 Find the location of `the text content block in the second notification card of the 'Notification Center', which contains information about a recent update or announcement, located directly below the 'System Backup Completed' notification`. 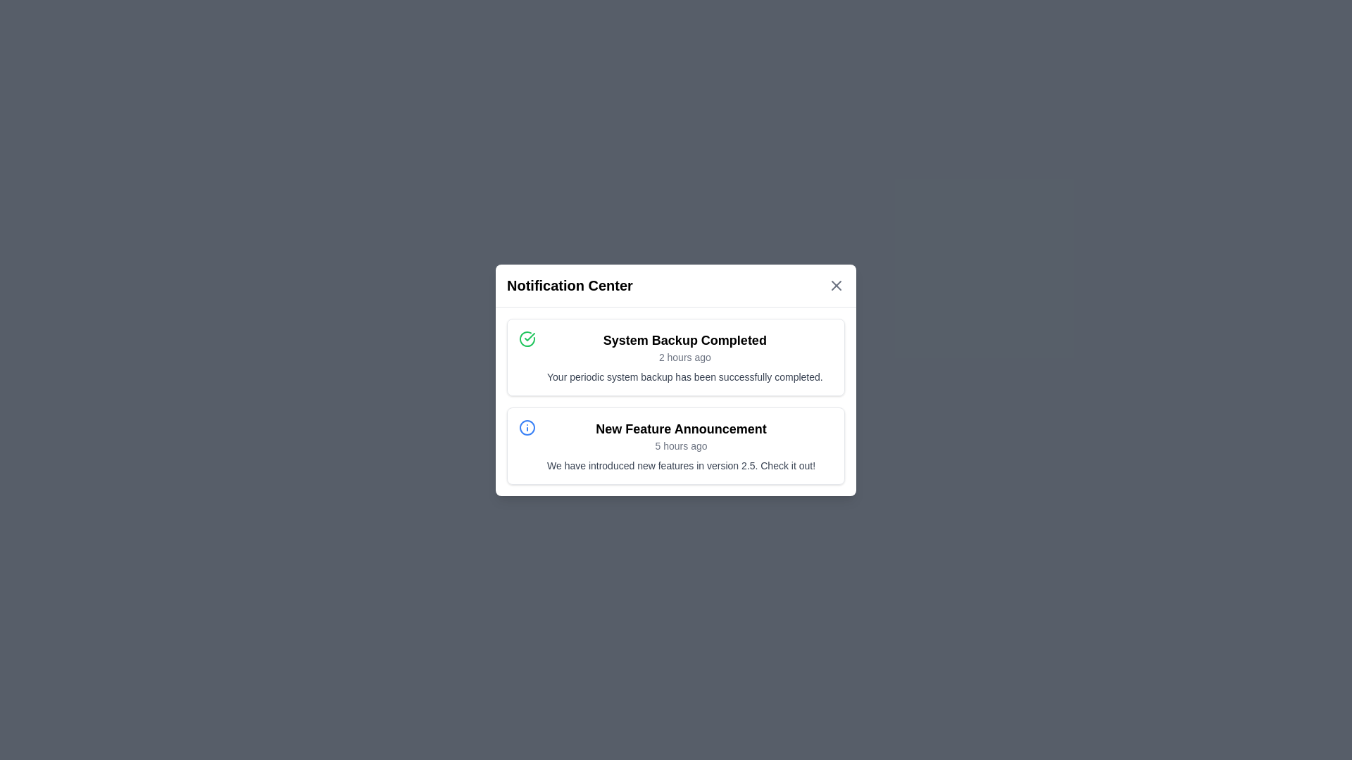

the text content block in the second notification card of the 'Notification Center', which contains information about a recent update or announcement, located directly below the 'System Backup Completed' notification is located at coordinates (681, 445).